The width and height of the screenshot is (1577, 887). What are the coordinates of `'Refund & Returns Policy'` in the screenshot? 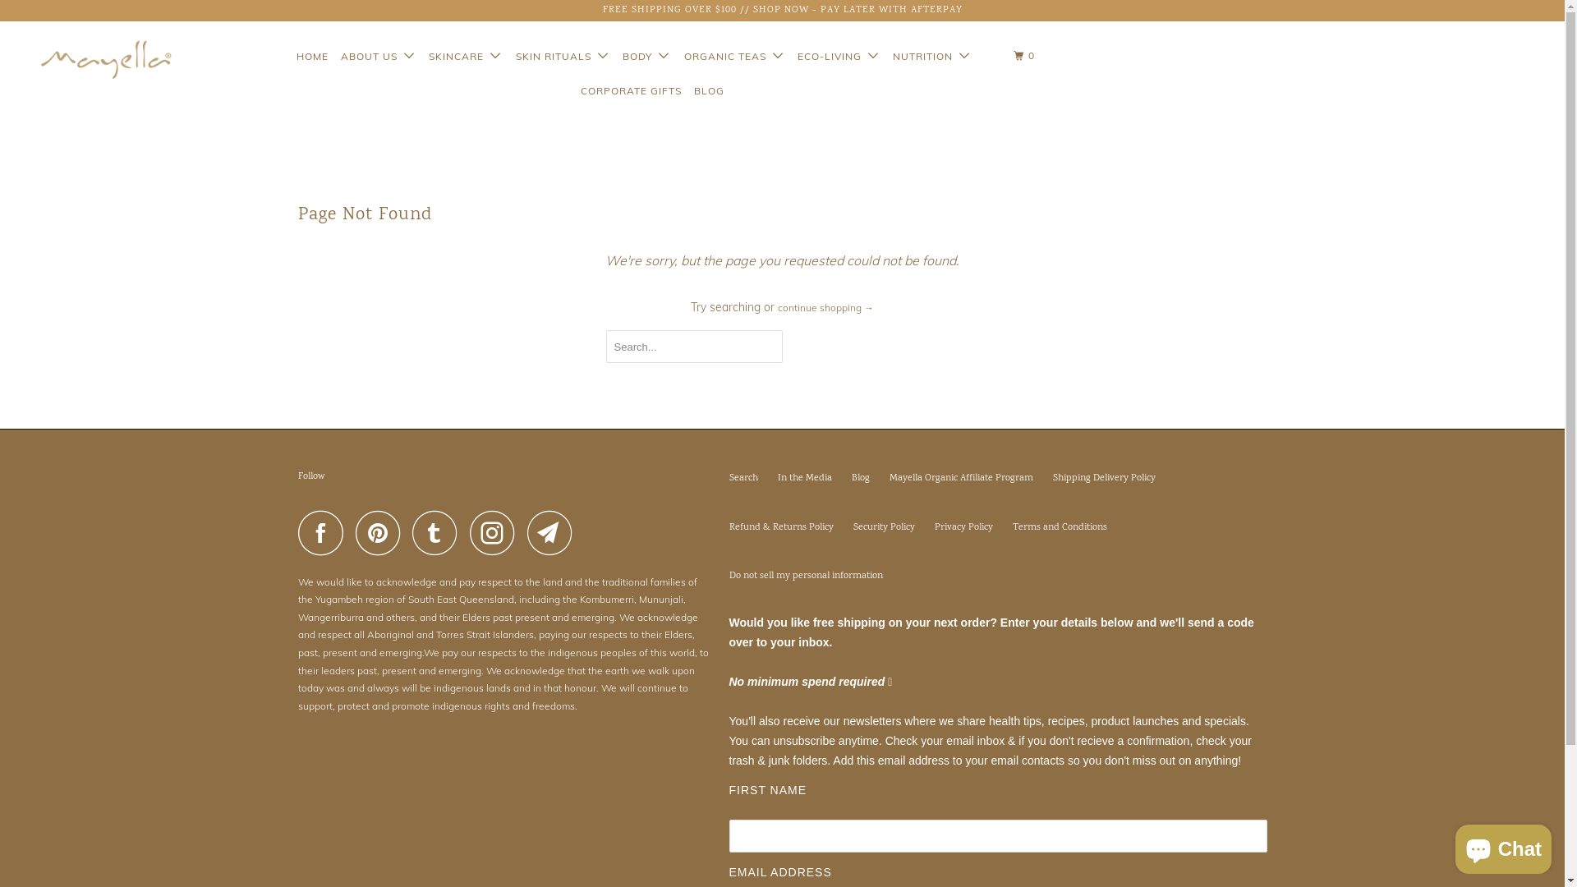 It's located at (780, 527).